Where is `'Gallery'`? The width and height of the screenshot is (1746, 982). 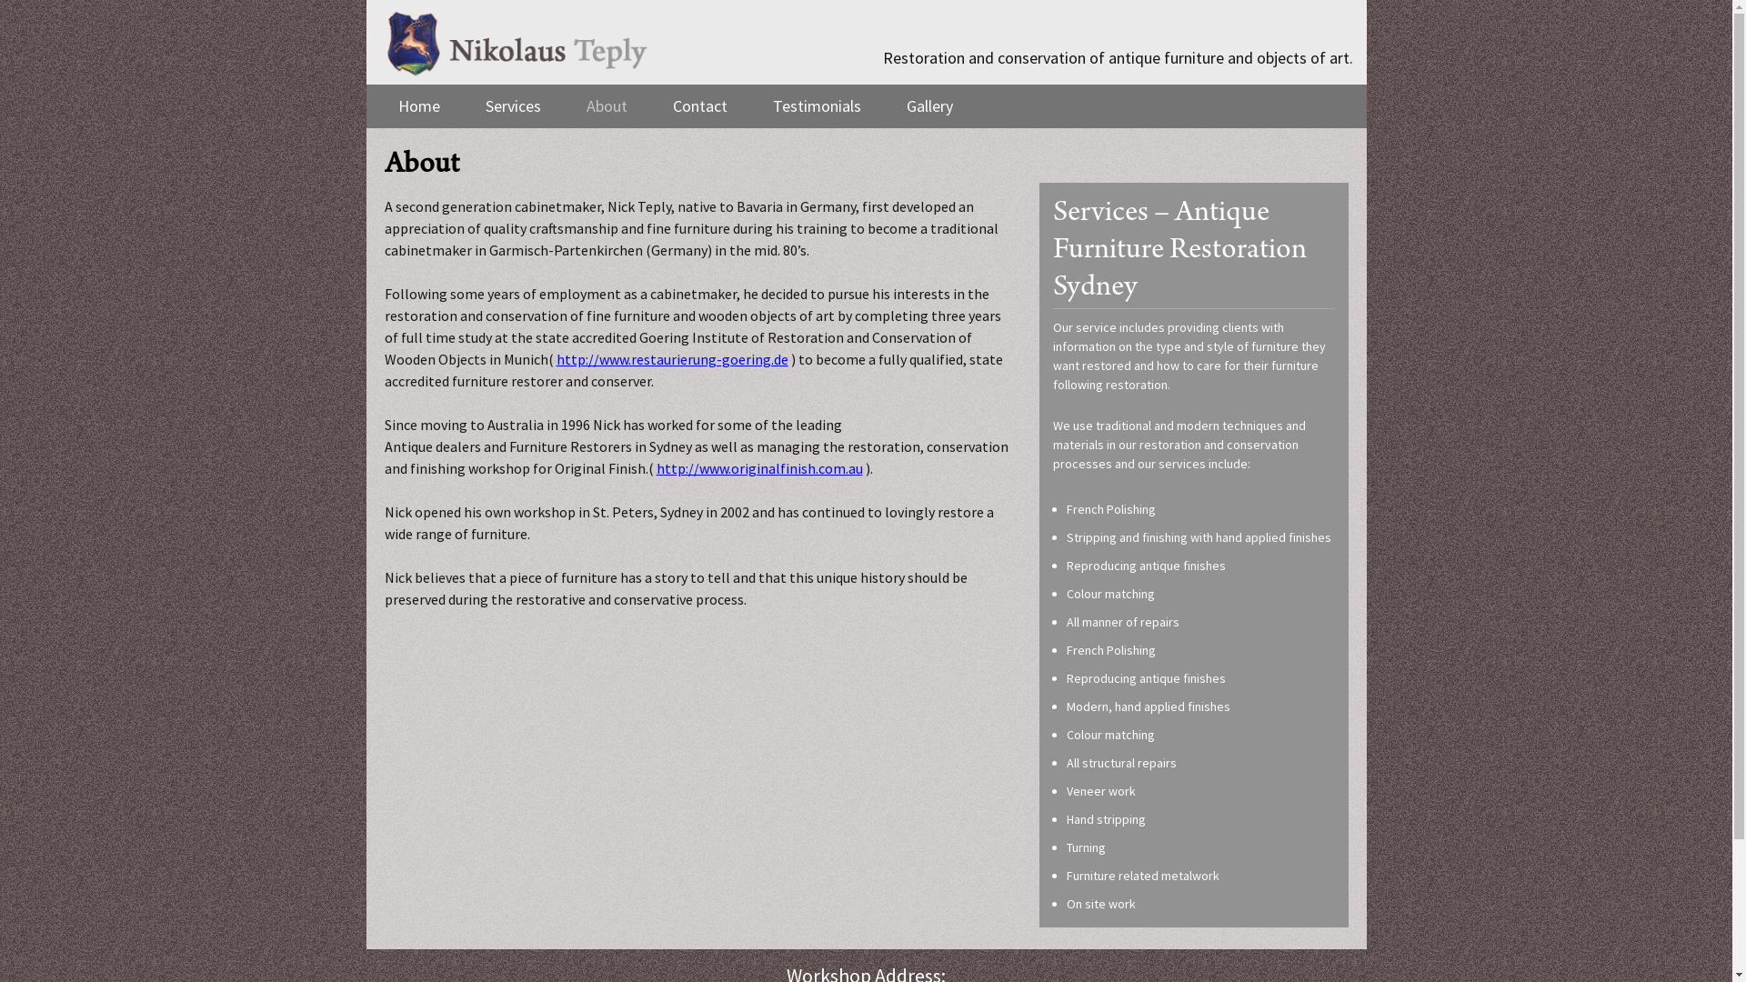 'Gallery' is located at coordinates (928, 105).